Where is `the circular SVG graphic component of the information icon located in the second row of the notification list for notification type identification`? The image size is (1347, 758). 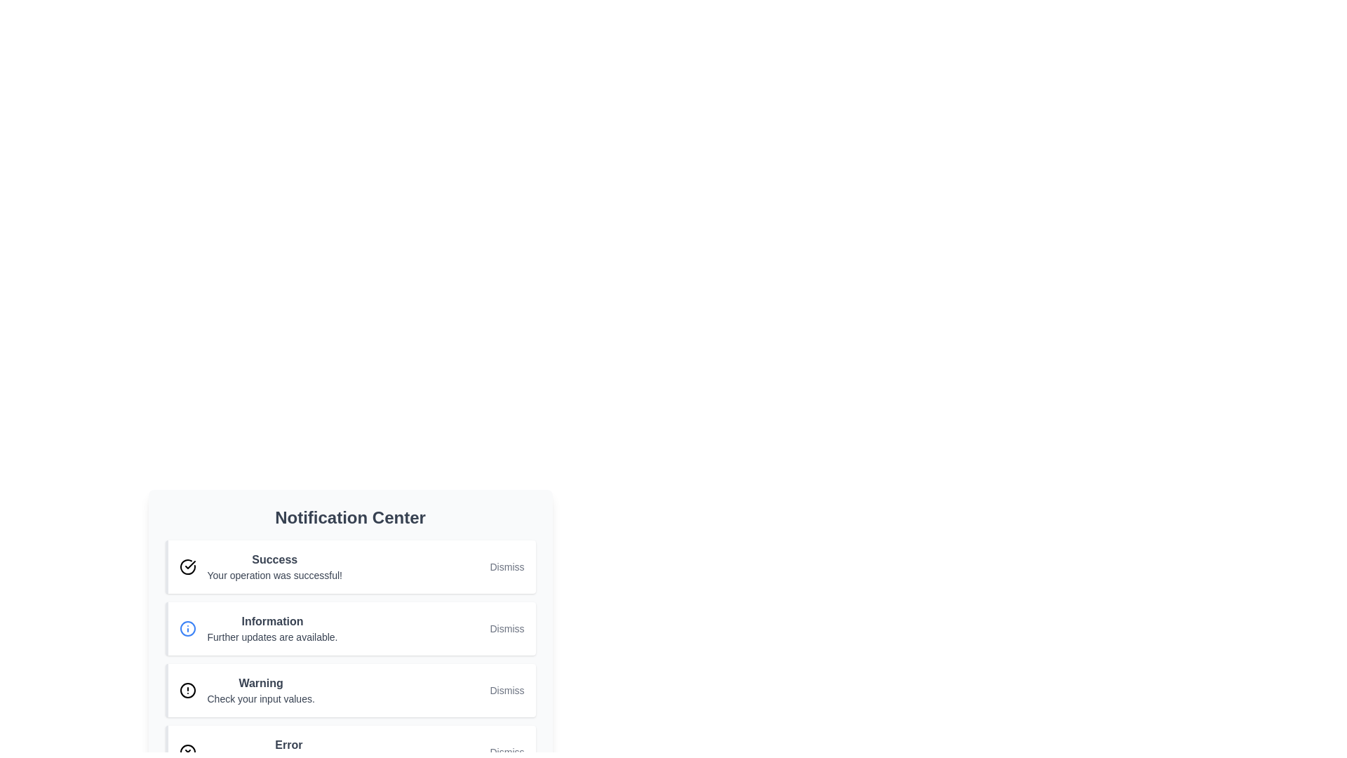 the circular SVG graphic component of the information icon located in the second row of the notification list for notification type identification is located at coordinates (187, 627).